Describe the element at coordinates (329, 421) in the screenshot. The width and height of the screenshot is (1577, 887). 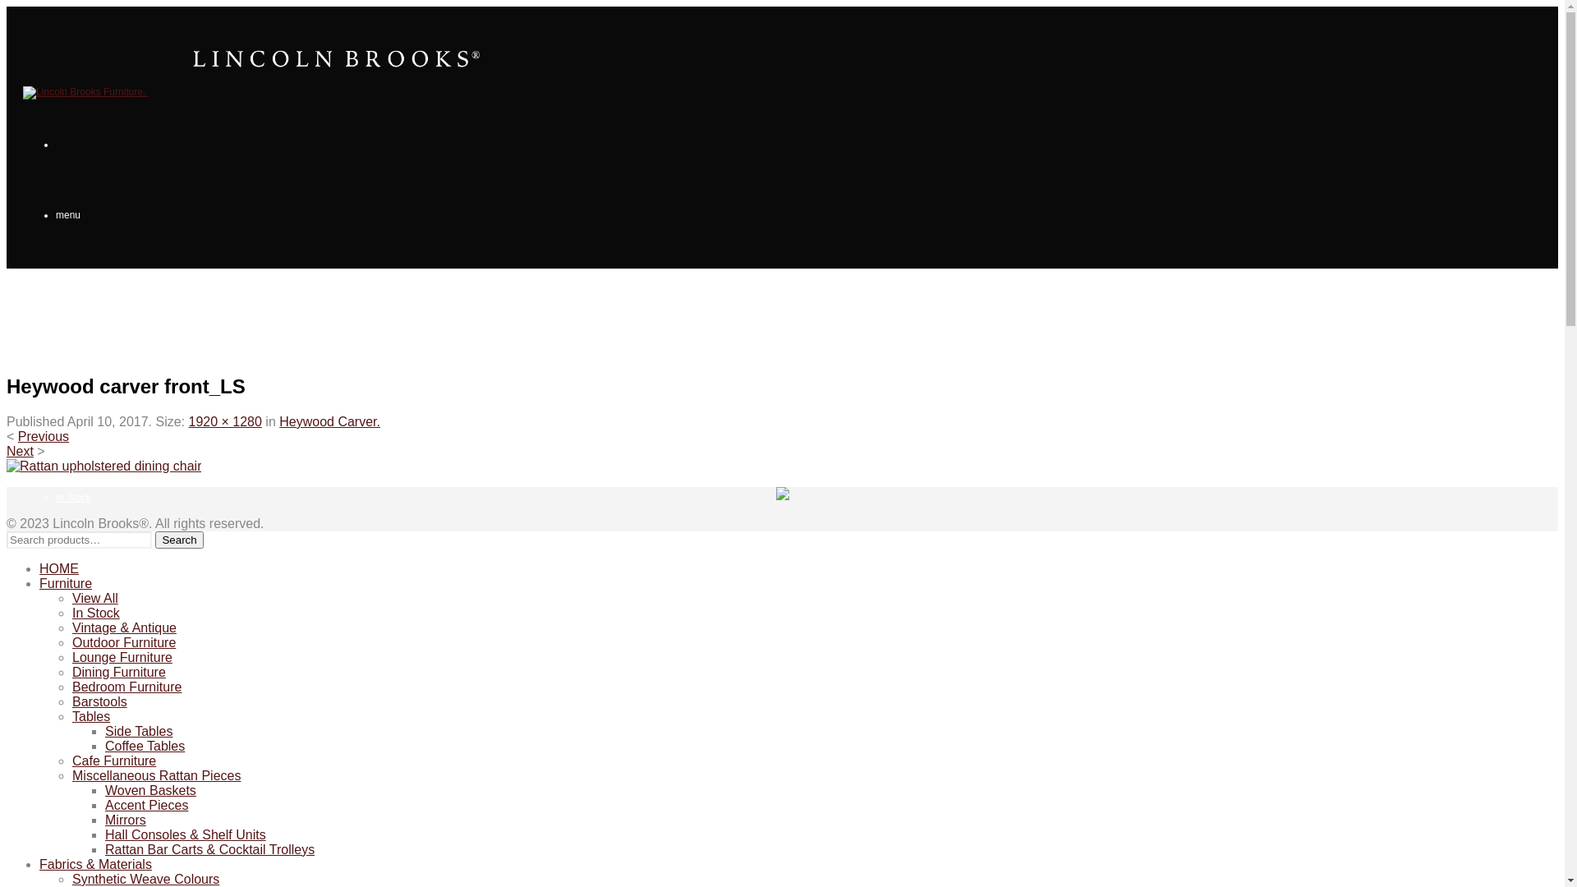
I see `'Heywood Carver.'` at that location.